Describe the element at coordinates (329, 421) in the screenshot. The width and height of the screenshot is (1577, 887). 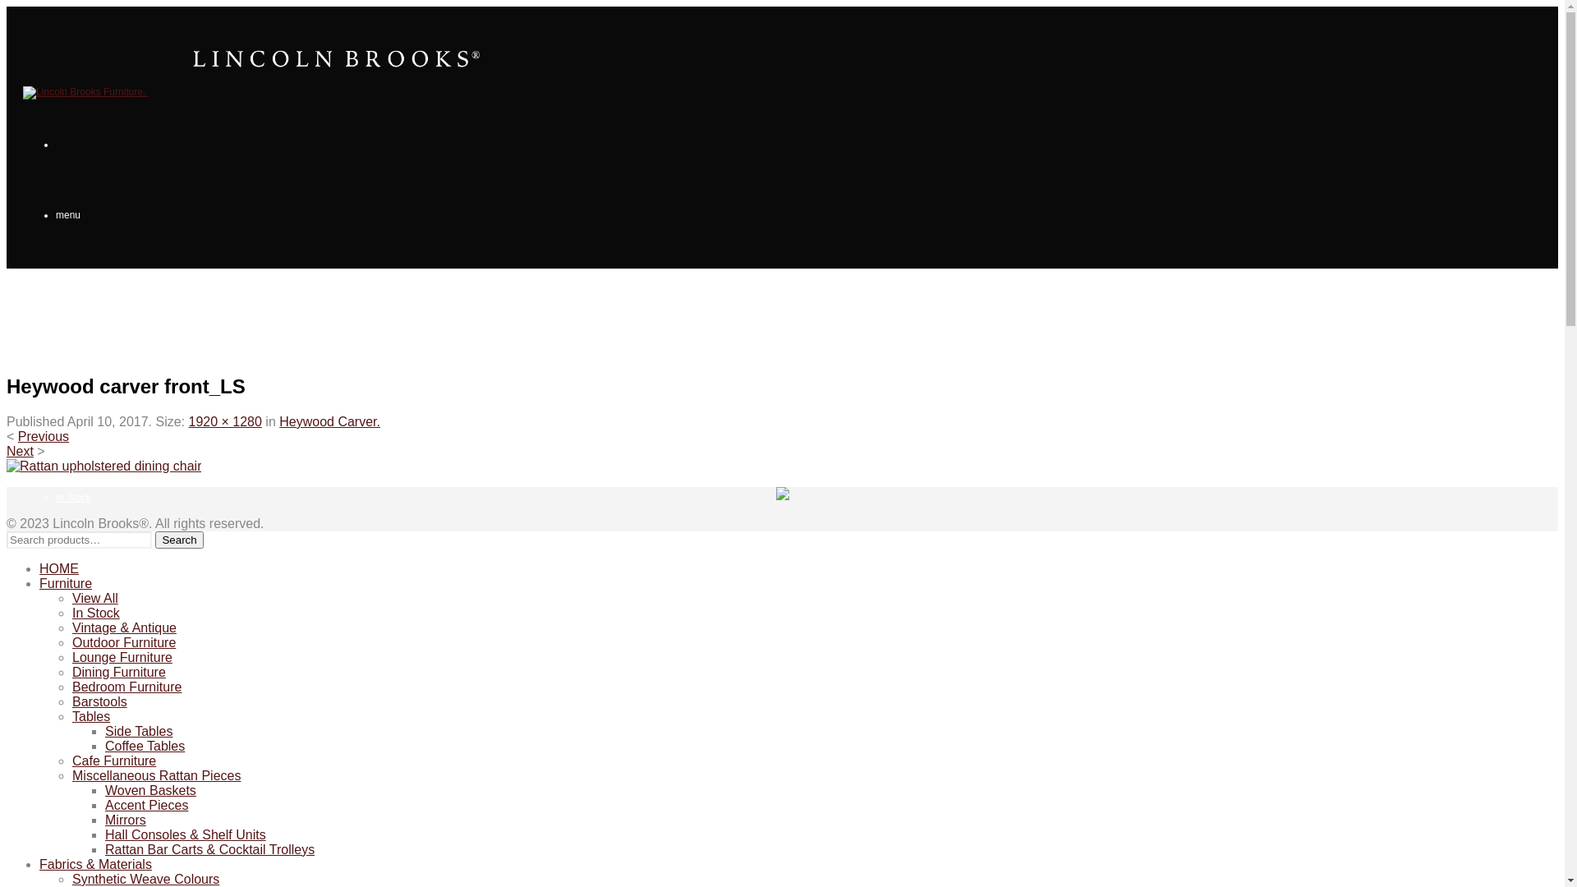
I see `'Heywood Carver.'` at that location.